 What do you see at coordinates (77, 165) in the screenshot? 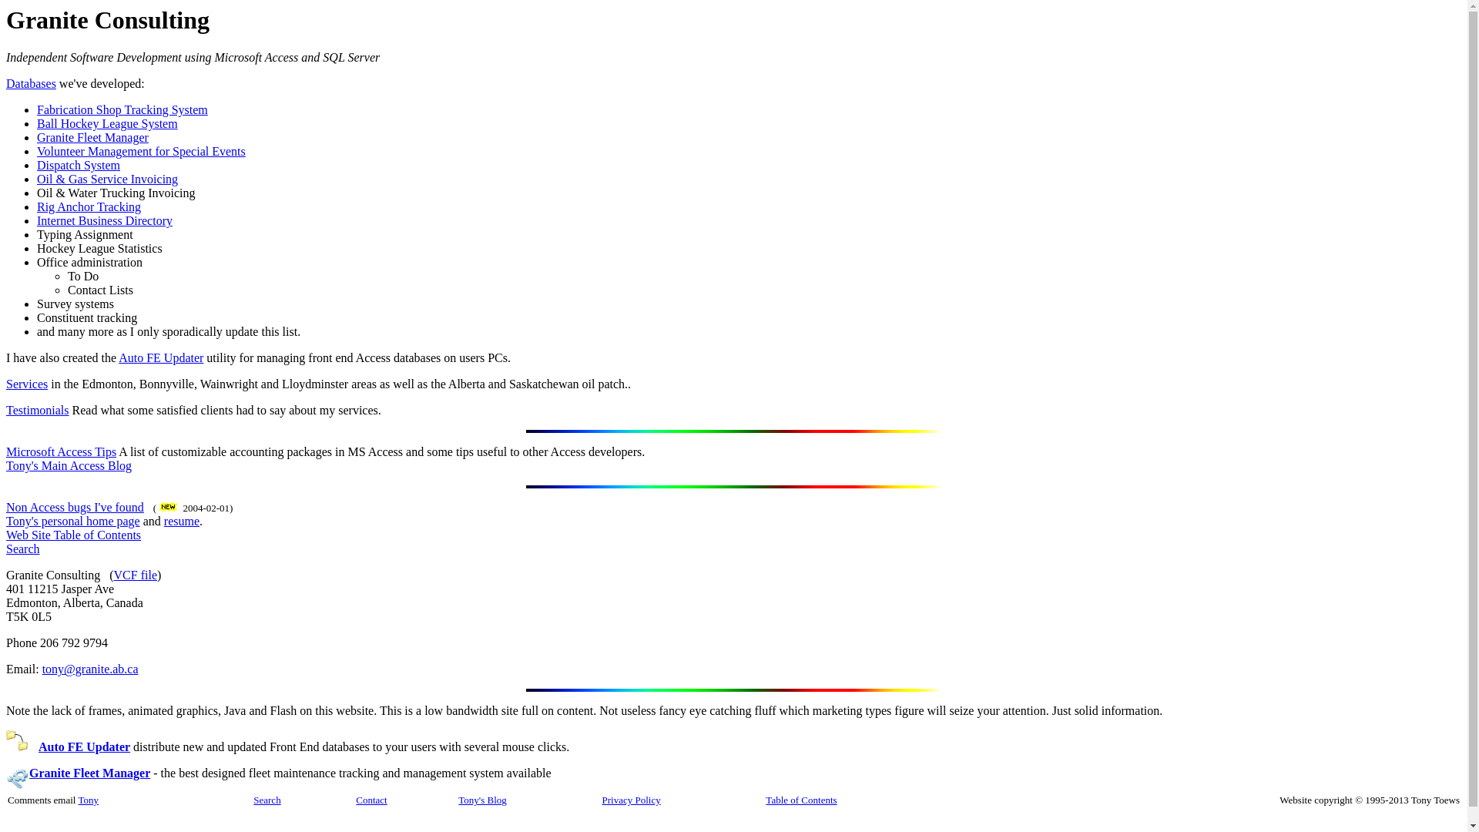
I see `'Dispatch System'` at bounding box center [77, 165].